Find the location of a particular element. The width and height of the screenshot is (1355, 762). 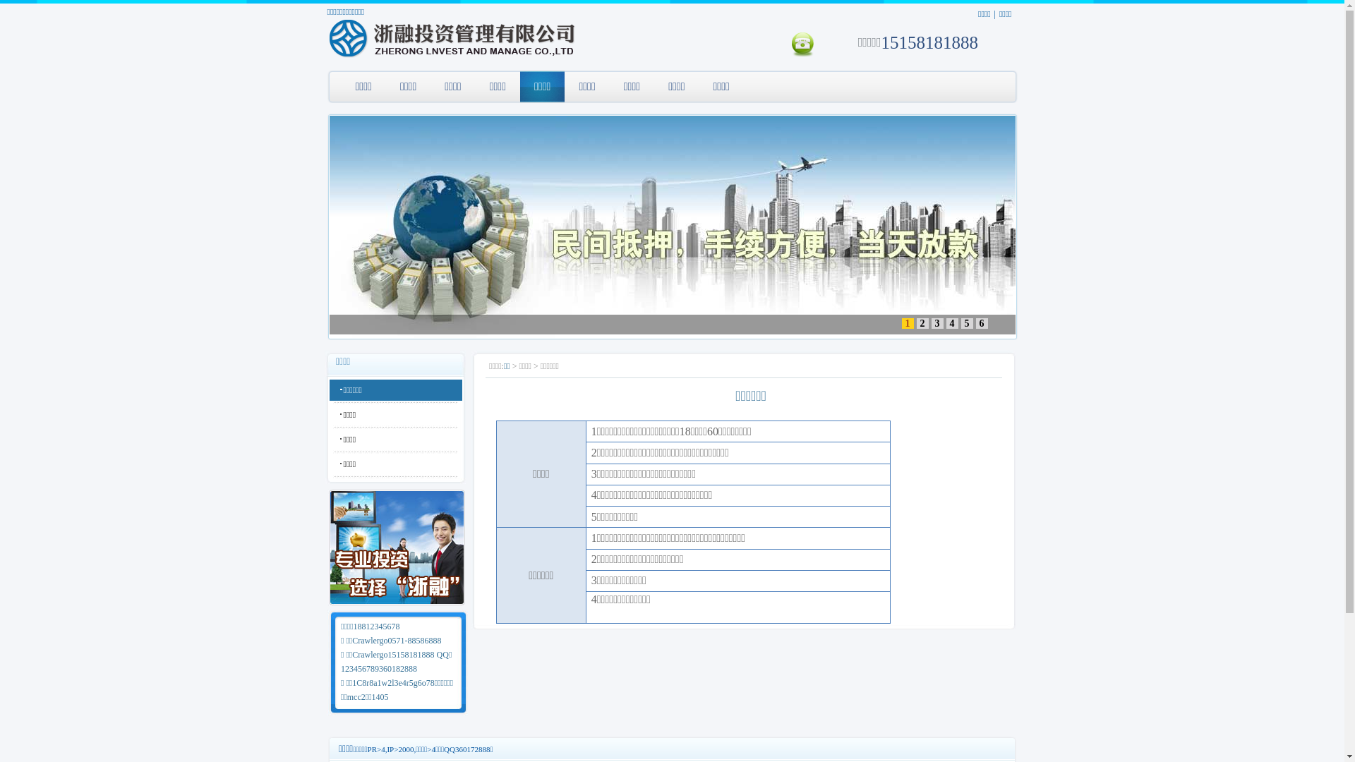

'1' is located at coordinates (908, 323).